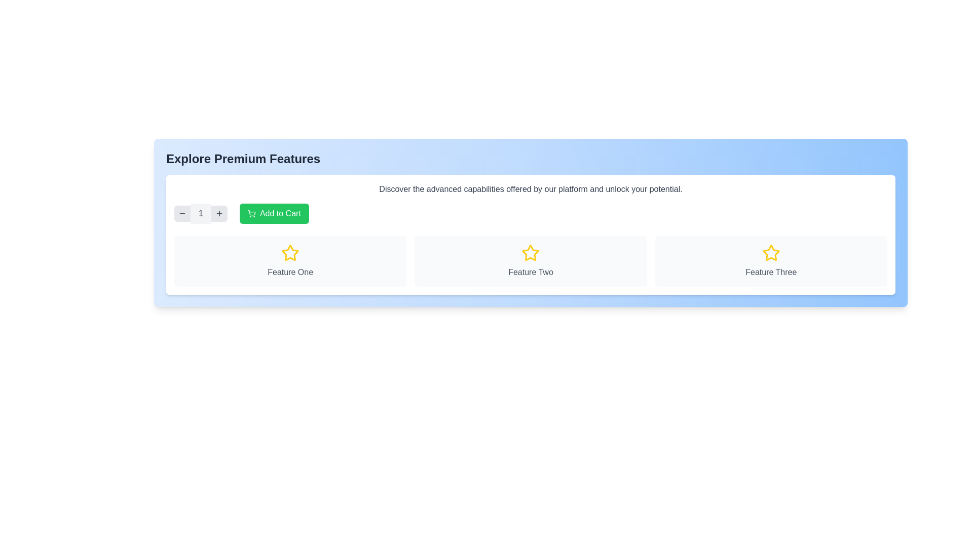 The width and height of the screenshot is (973, 547). I want to click on the star icon with a yellow outline located at the top-center of the card labeled 'Feature One.', so click(290, 253).